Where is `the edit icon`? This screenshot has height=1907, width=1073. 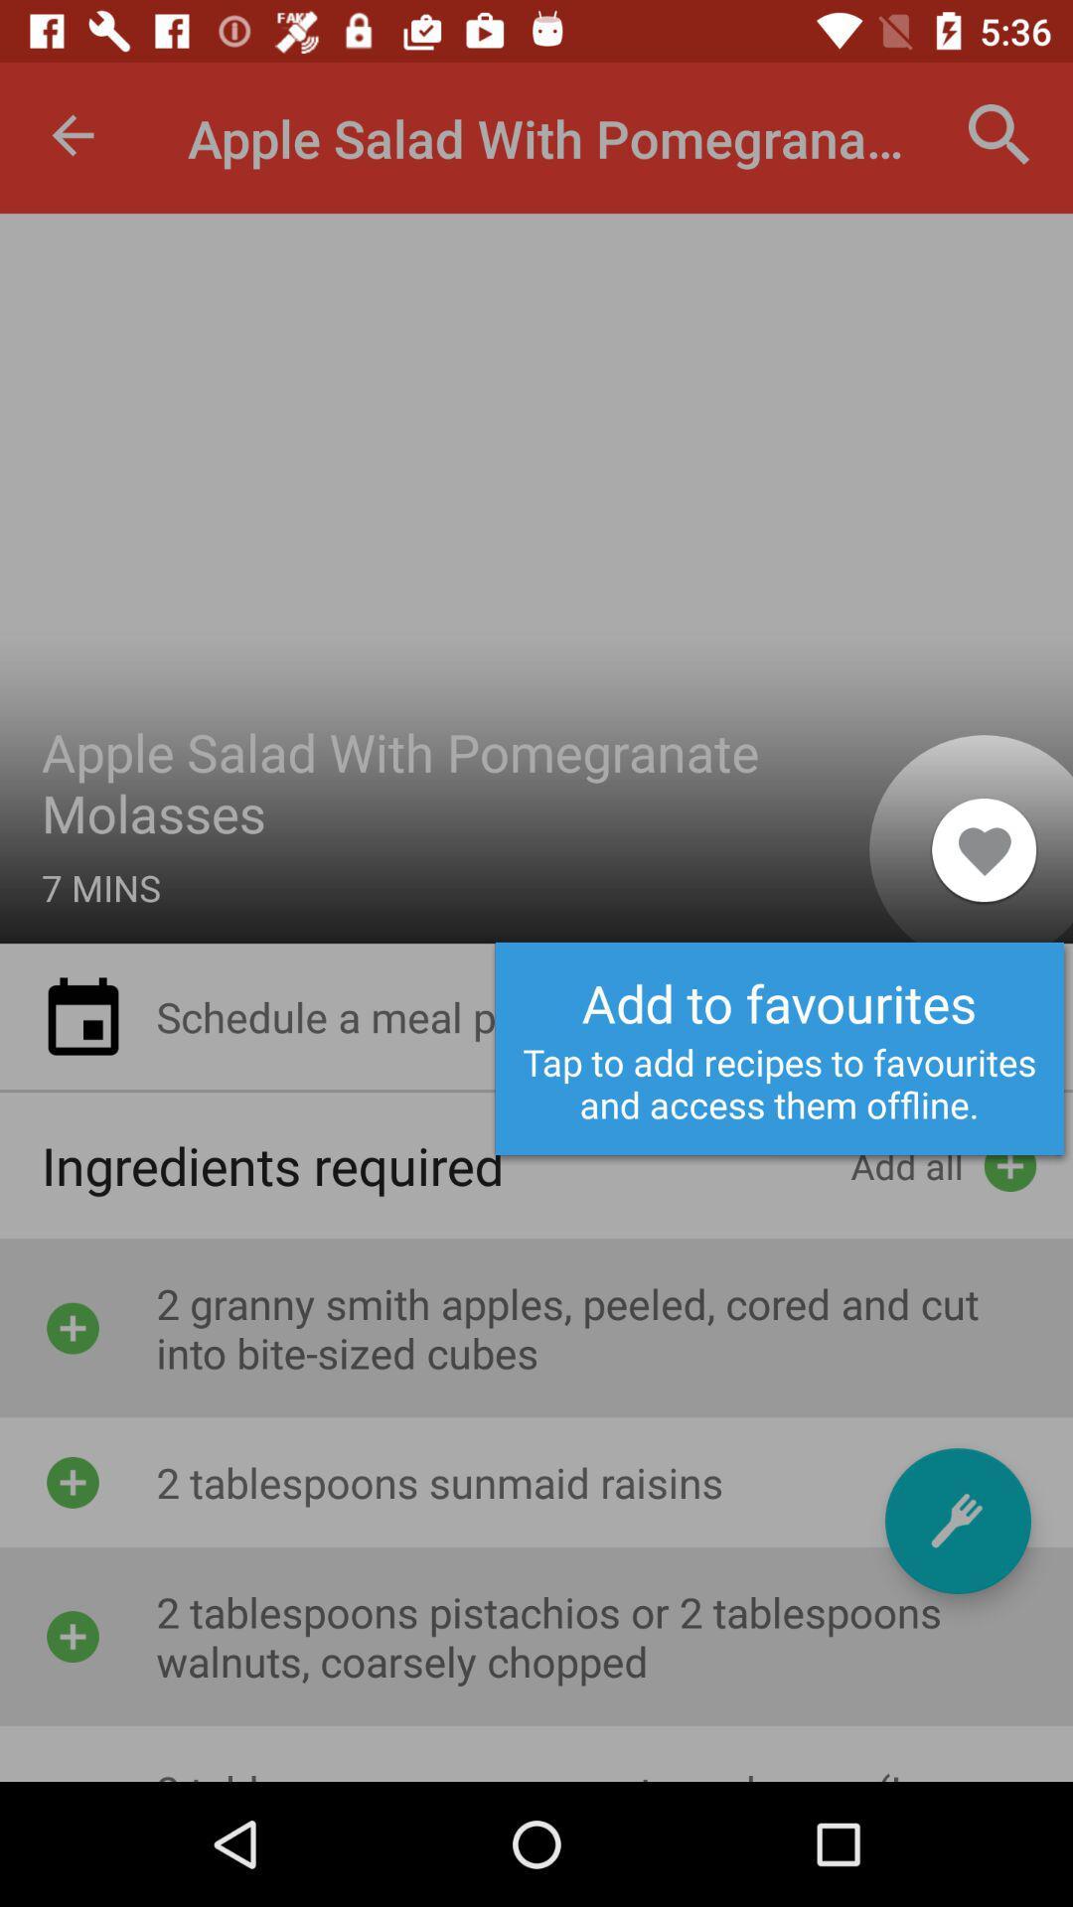
the edit icon is located at coordinates (957, 1520).